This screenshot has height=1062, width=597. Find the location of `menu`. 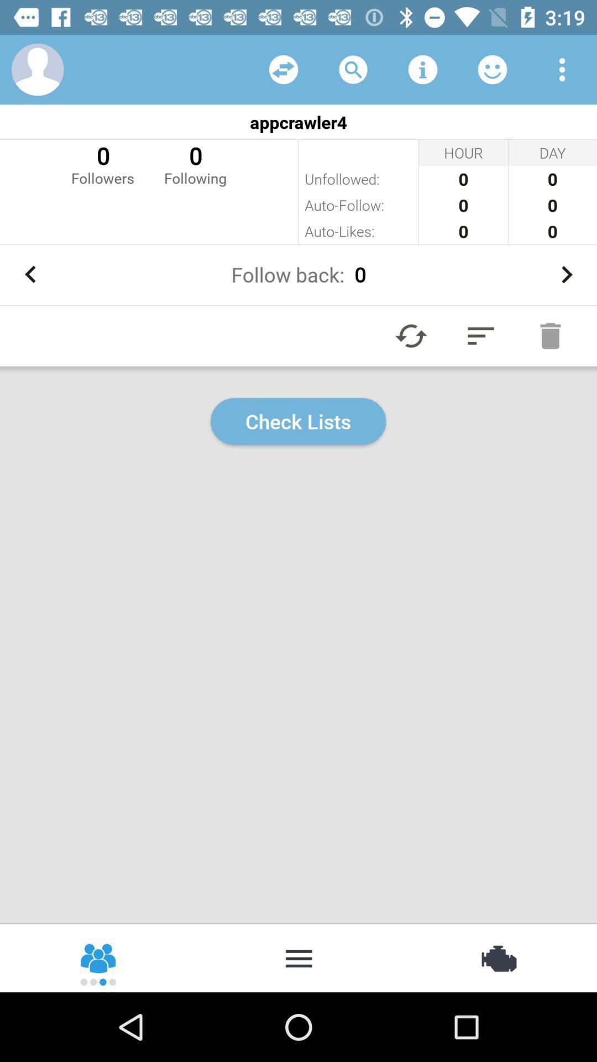

menu is located at coordinates (562, 69).